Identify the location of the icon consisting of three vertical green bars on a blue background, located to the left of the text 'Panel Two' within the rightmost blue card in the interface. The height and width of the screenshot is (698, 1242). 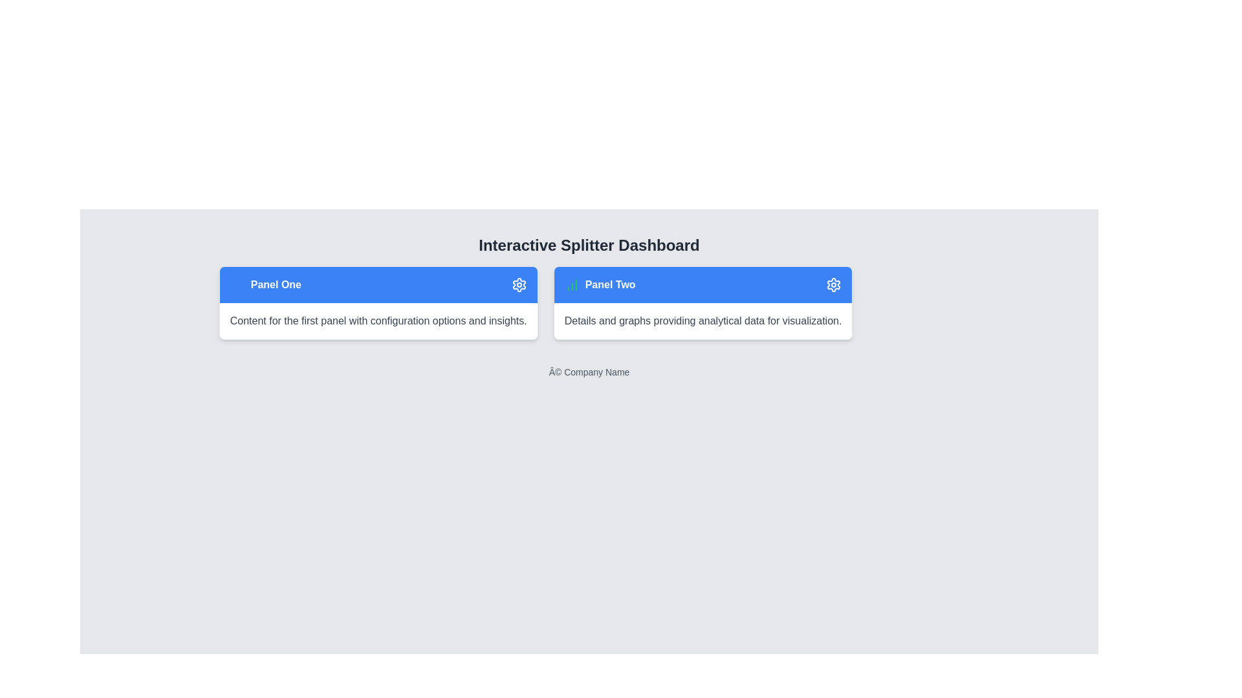
(571, 284).